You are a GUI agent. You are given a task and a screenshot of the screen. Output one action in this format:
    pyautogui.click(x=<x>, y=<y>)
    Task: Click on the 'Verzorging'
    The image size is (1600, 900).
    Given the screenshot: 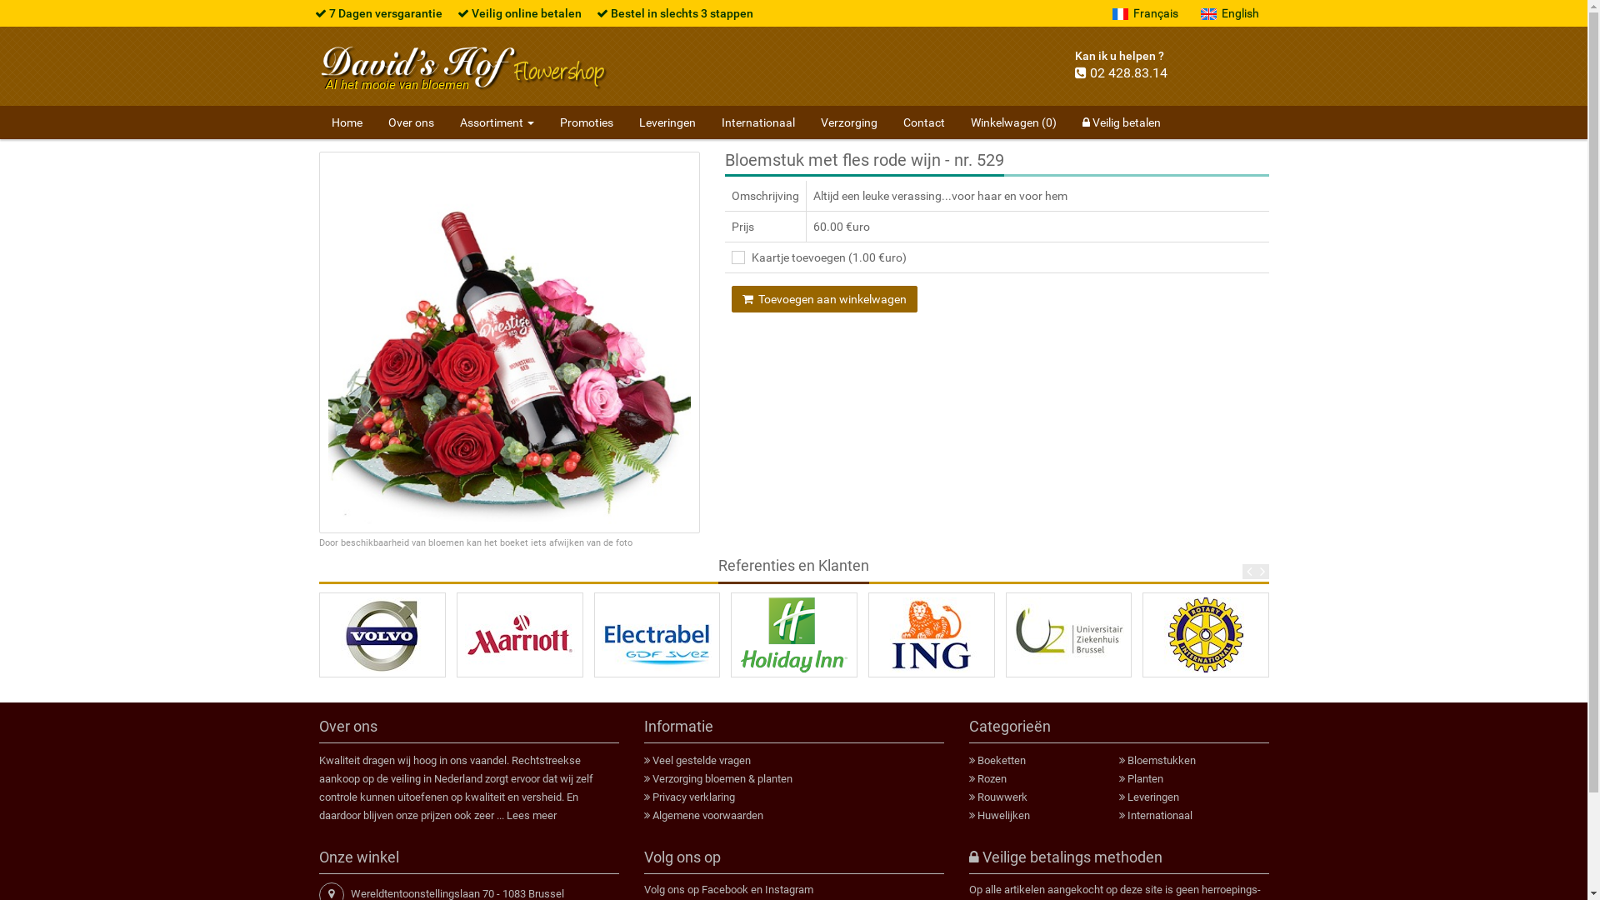 What is the action you would take?
    pyautogui.click(x=848, y=121)
    